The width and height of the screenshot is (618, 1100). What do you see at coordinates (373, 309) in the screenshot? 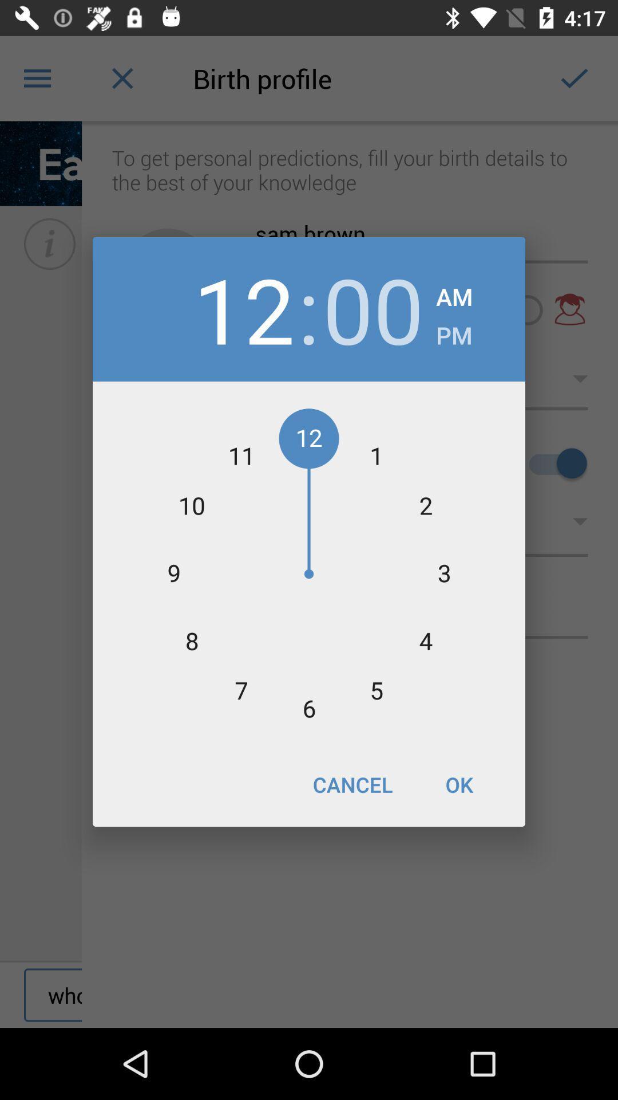
I see `the item next to am icon` at bounding box center [373, 309].